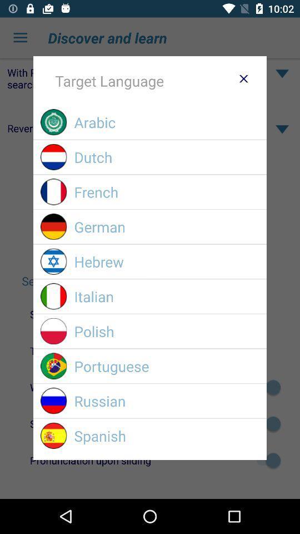 This screenshot has height=534, width=300. What do you see at coordinates (166, 296) in the screenshot?
I see `icon below the hebrew icon` at bounding box center [166, 296].